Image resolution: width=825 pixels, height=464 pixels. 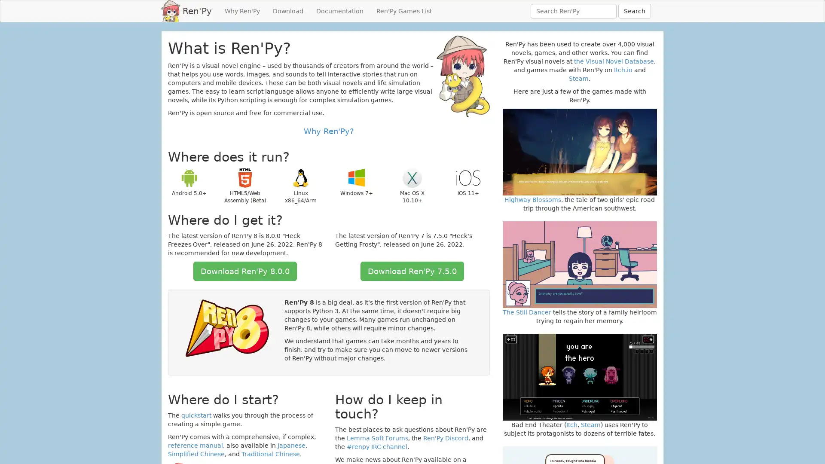 What do you see at coordinates (635, 11) in the screenshot?
I see `Search` at bounding box center [635, 11].